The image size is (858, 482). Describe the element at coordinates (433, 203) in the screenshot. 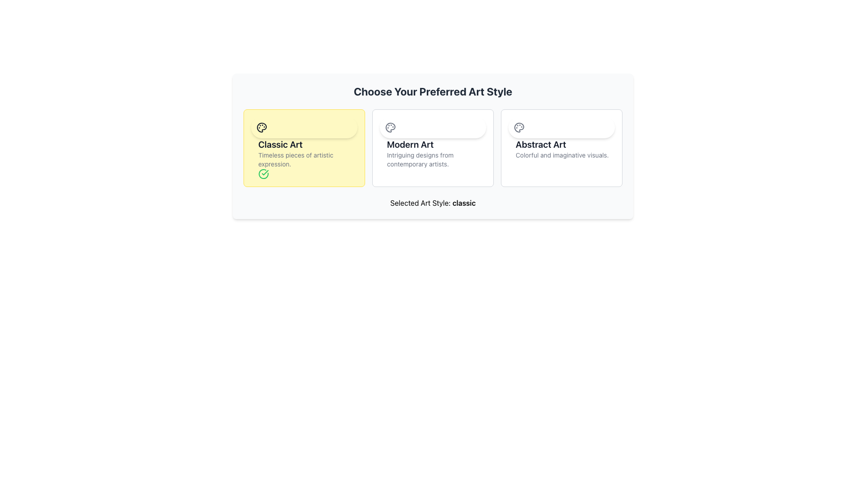

I see `displayed text 'Selected Art Style: classic' located centrally below the art style options to determine the selected art style` at that location.